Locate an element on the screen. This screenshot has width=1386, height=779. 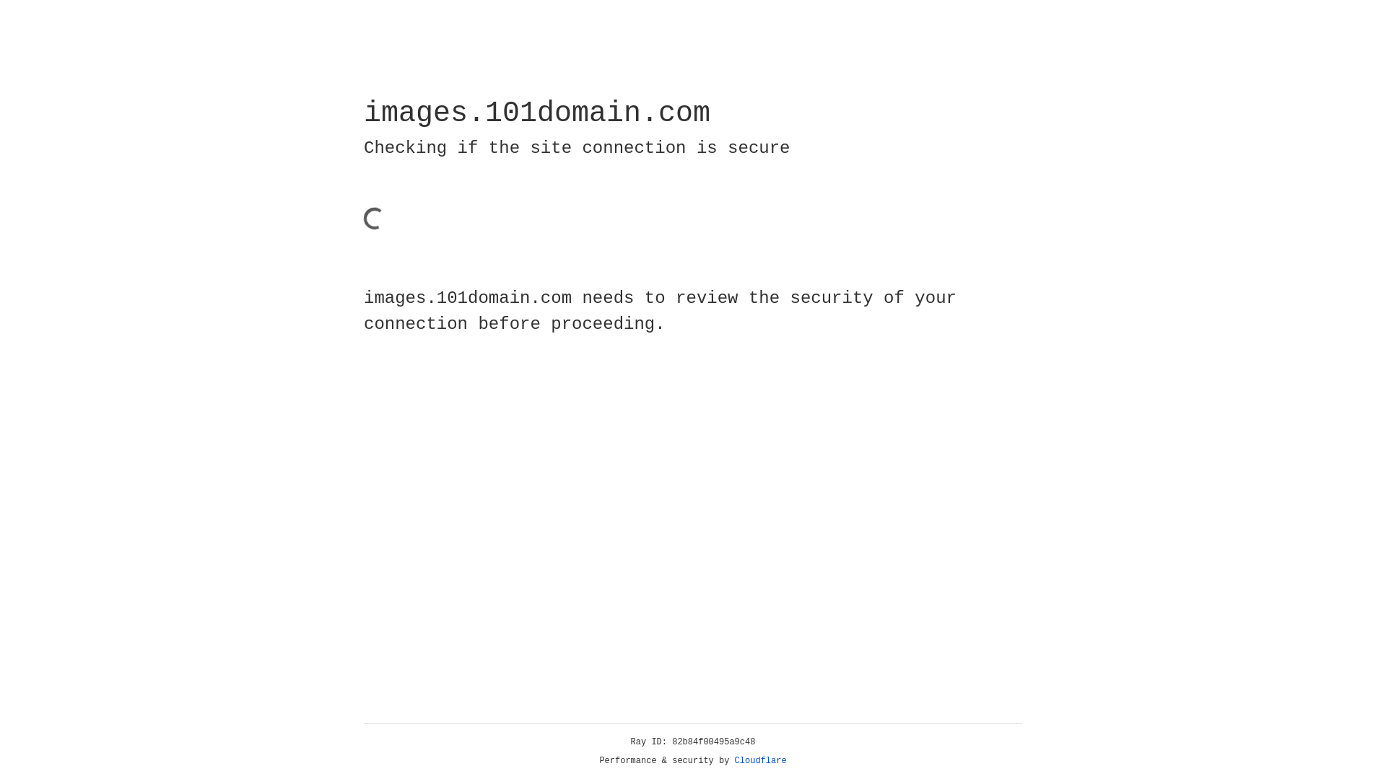
'Cloudflare' is located at coordinates (760, 760).